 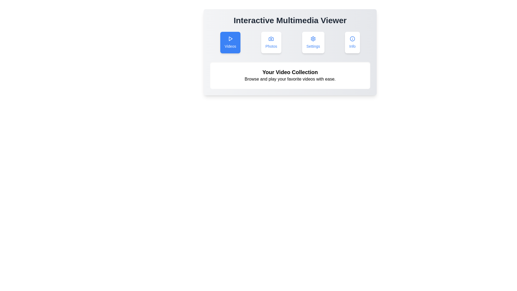 What do you see at coordinates (230, 38) in the screenshot?
I see `the play icon, represented by a triangular shape pointing to the right, located within a blue background in the upper left corner of the 'Videos' button` at bounding box center [230, 38].